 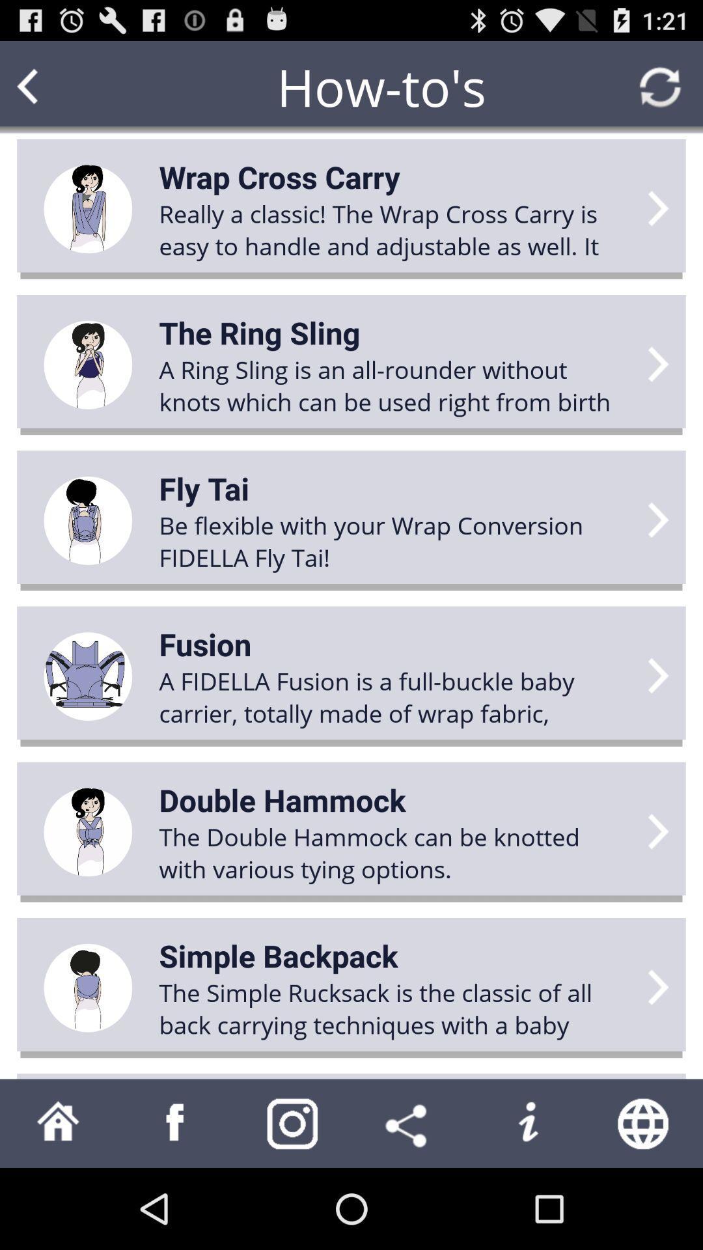 I want to click on the info icon, so click(x=527, y=1202).